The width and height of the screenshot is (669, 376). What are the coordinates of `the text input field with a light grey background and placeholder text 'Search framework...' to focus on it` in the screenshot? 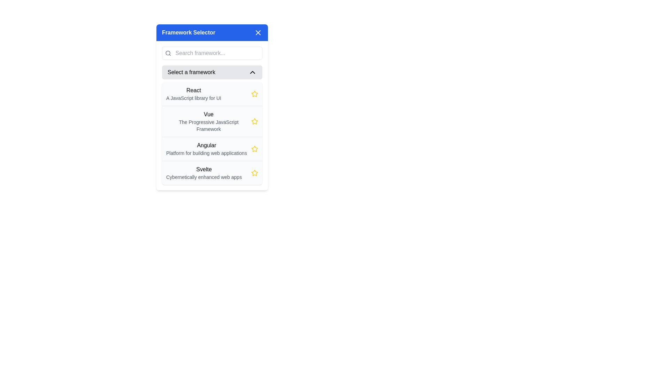 It's located at (217, 53).